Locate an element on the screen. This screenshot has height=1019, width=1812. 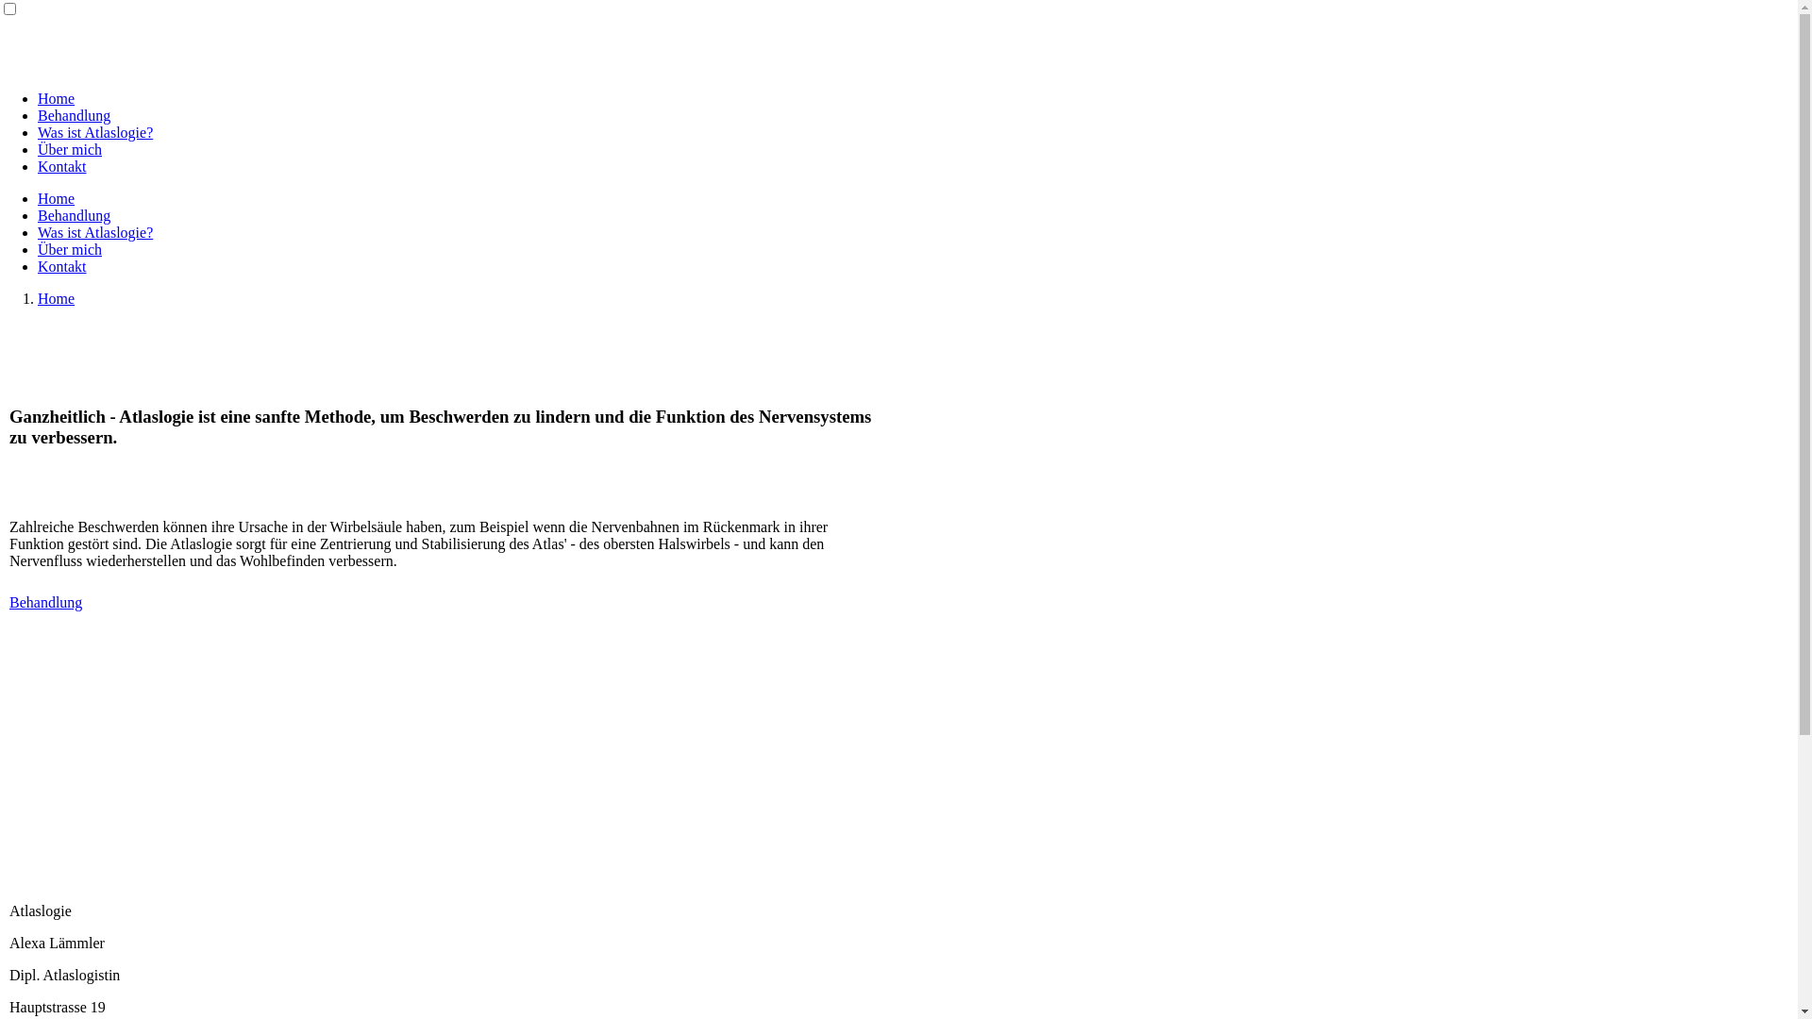
'Kontakt' is located at coordinates (62, 165).